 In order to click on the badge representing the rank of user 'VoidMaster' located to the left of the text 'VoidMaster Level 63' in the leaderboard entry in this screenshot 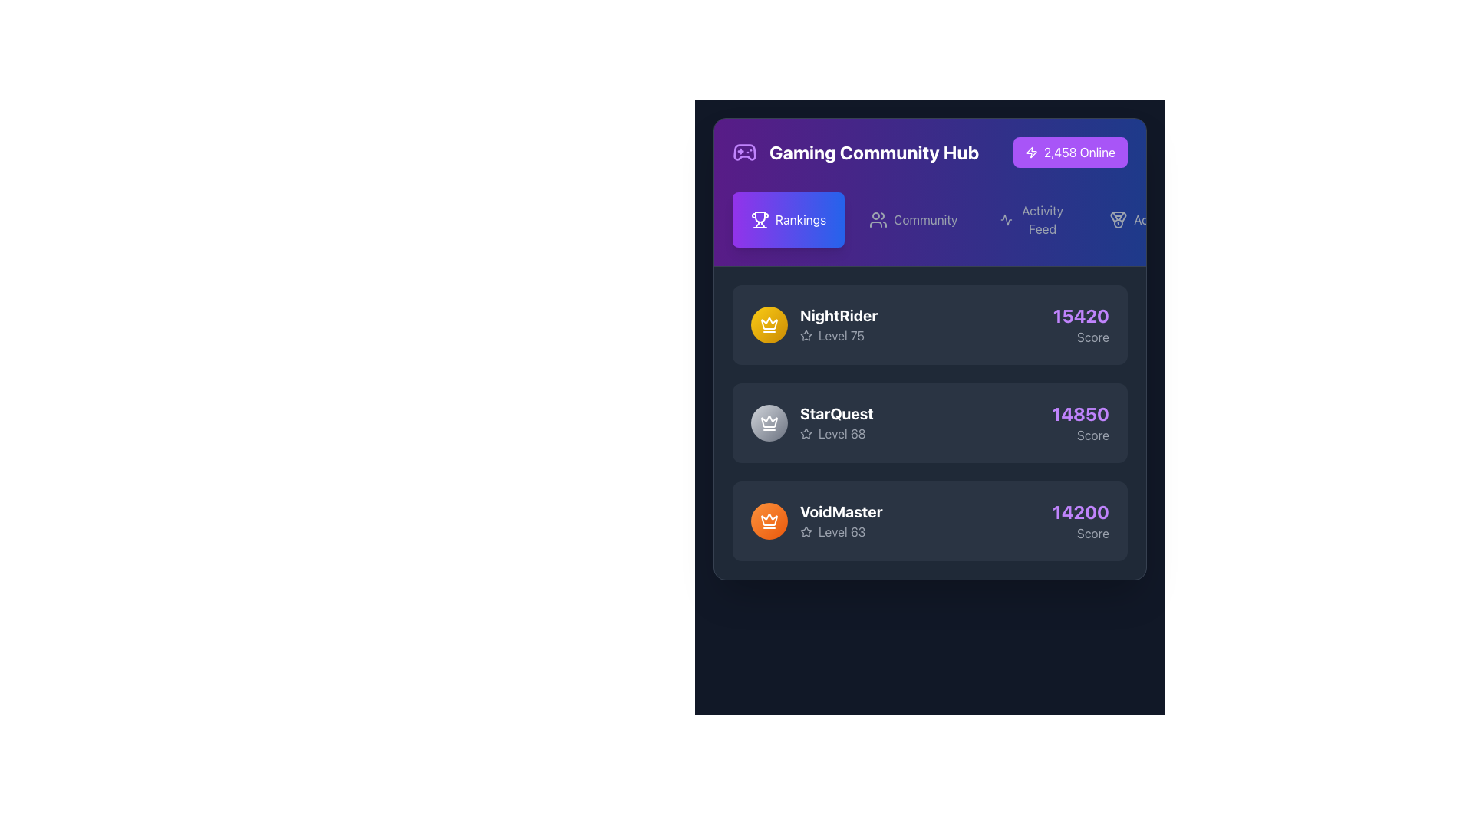, I will do `click(769, 520)`.